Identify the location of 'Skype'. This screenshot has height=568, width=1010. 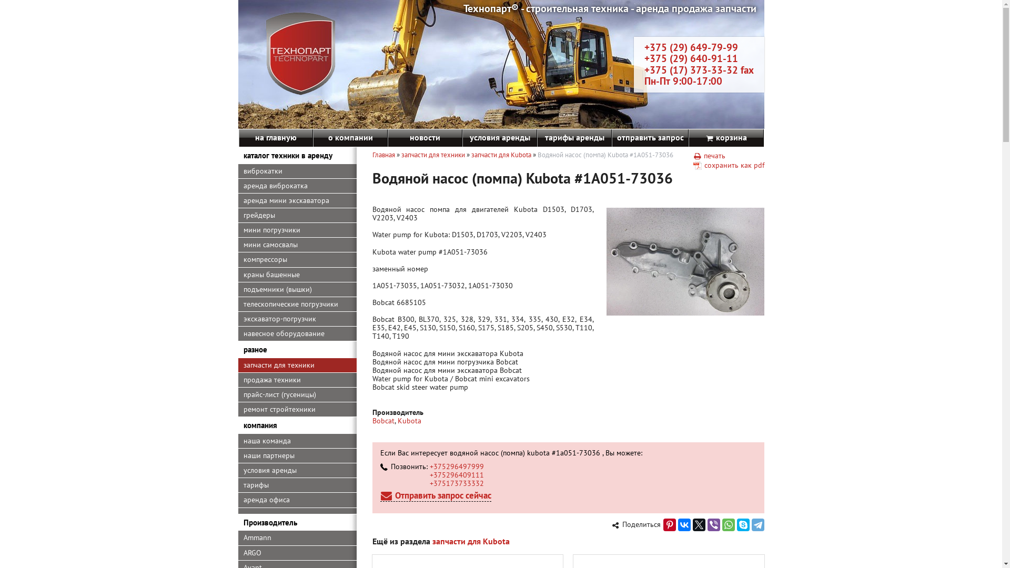
(742, 525).